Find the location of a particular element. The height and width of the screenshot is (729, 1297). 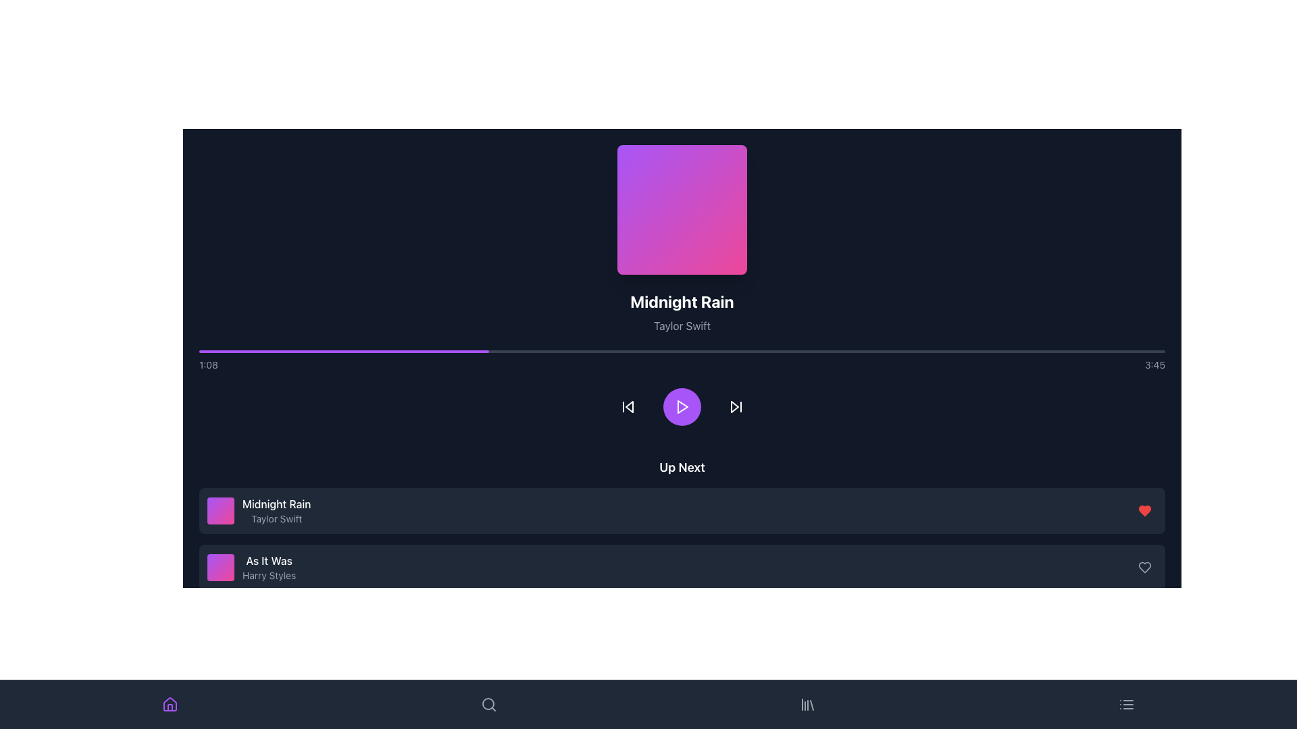

the search button, which is the second interactive element in the bottom navigation bar, to initiate a search is located at coordinates (488, 704).